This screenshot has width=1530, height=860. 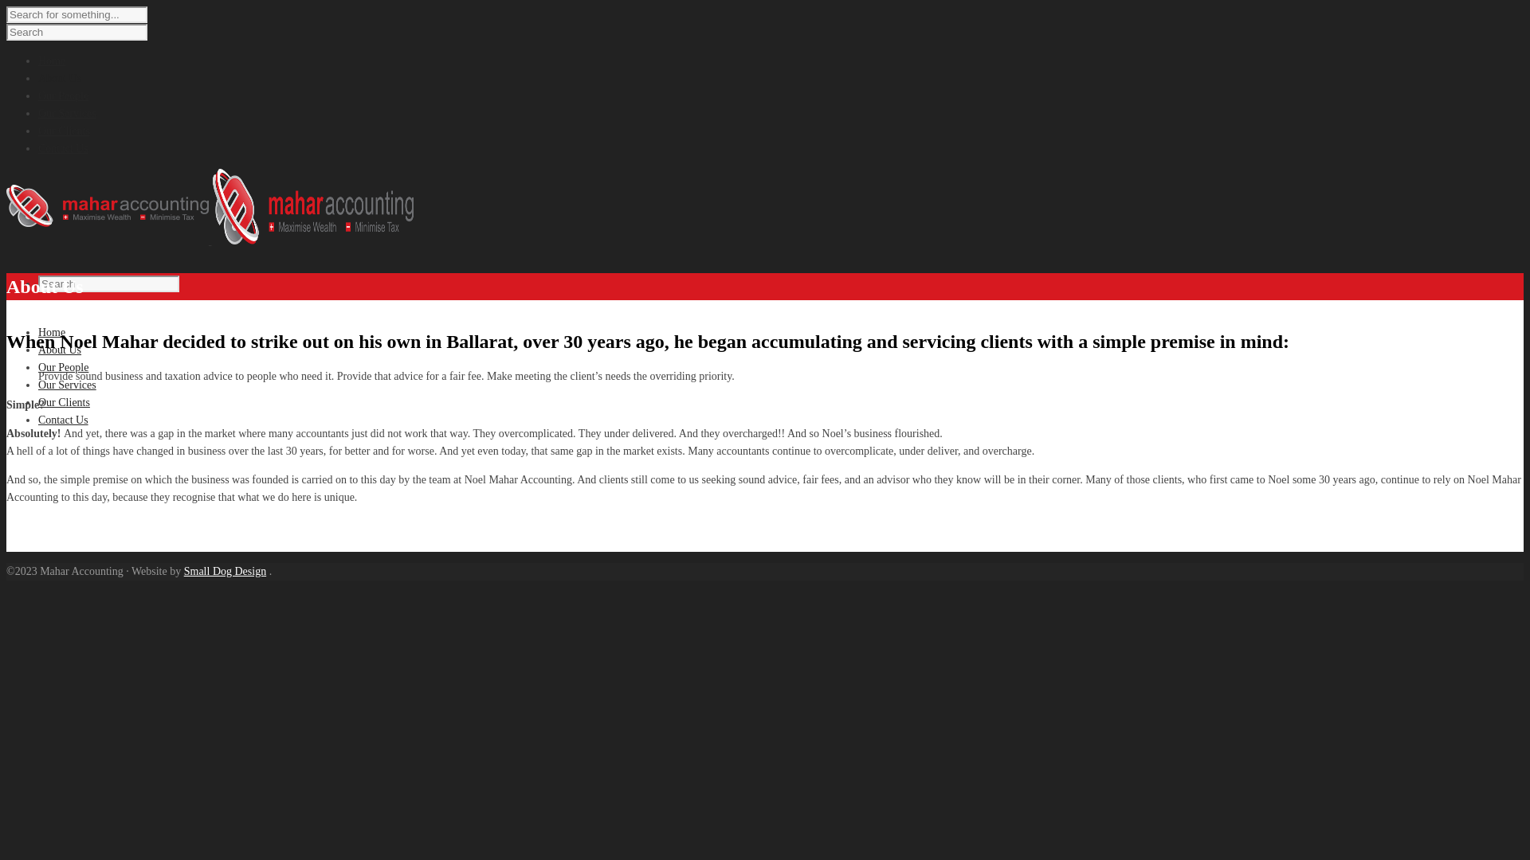 I want to click on 'About Us', so click(x=60, y=78).